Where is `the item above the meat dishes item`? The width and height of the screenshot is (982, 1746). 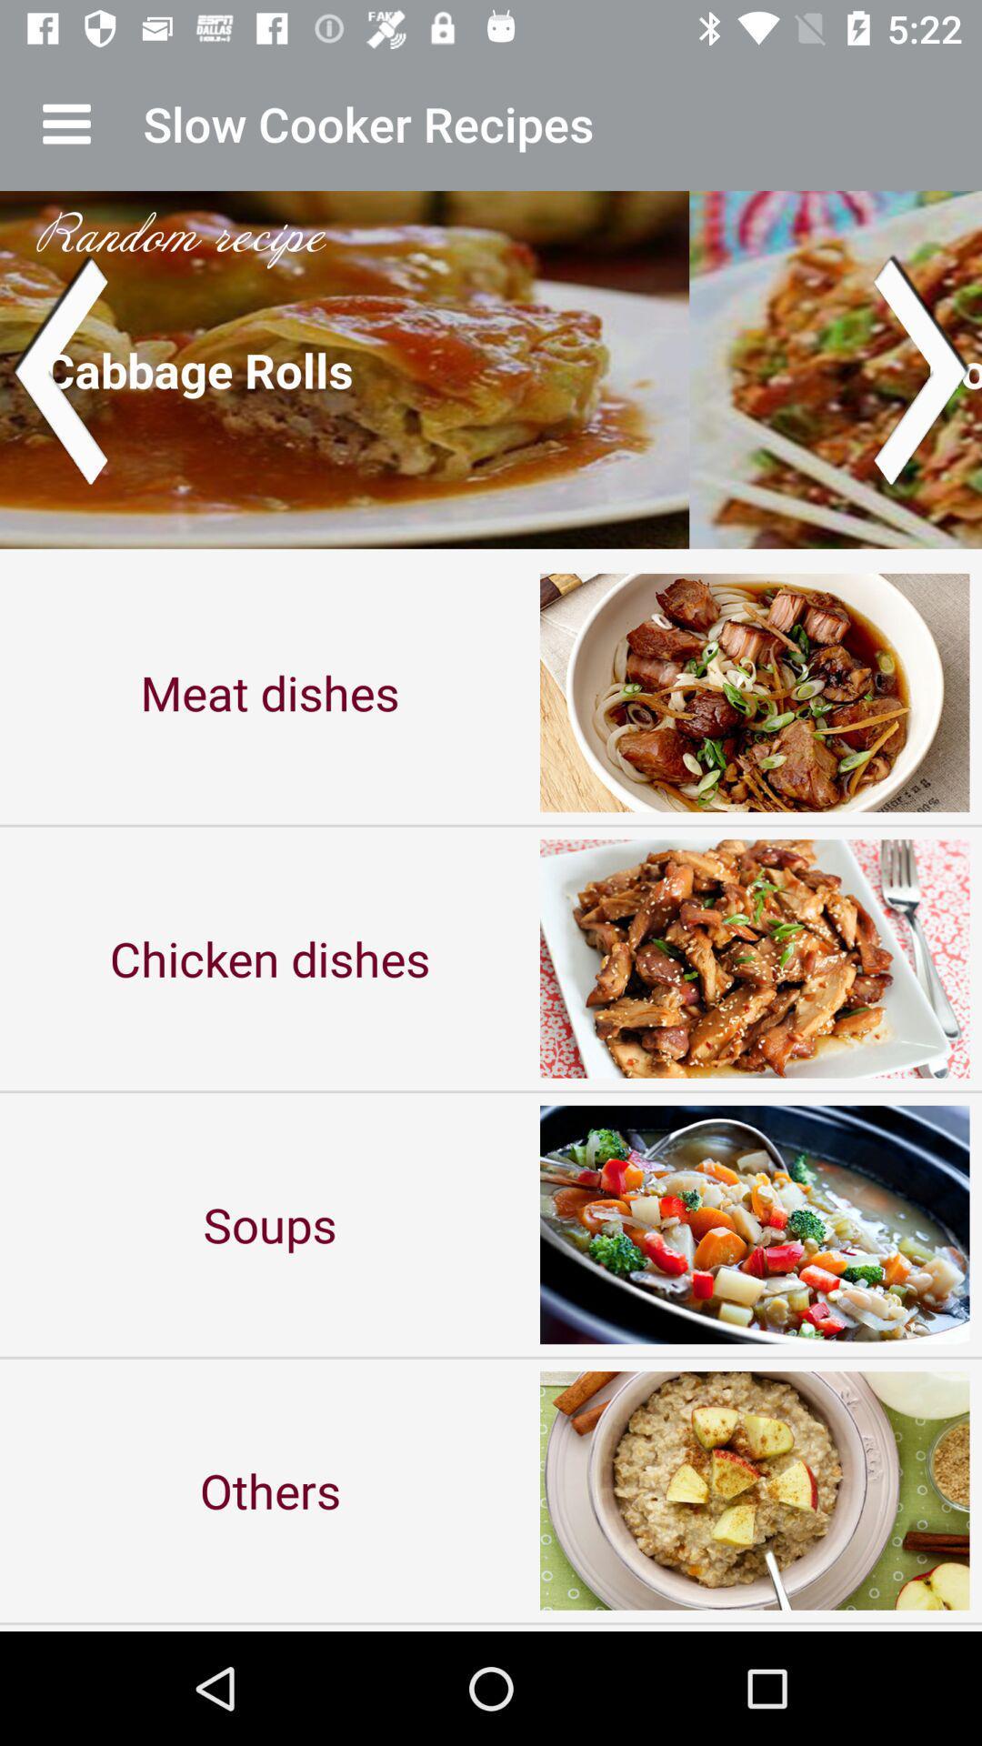
the item above the meat dishes item is located at coordinates (491, 368).